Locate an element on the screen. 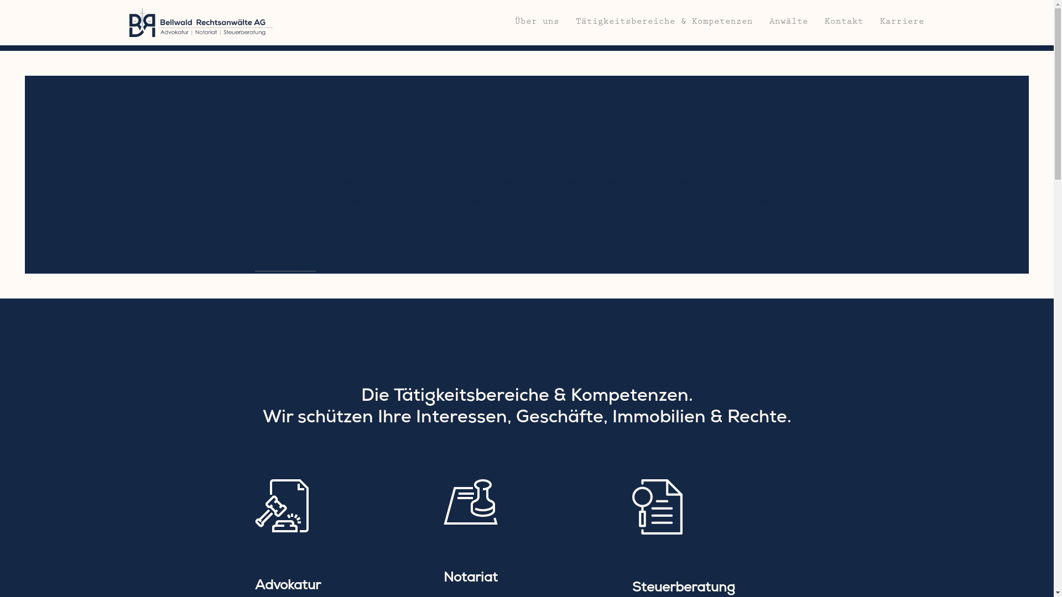  'Karriere' is located at coordinates (902, 23).